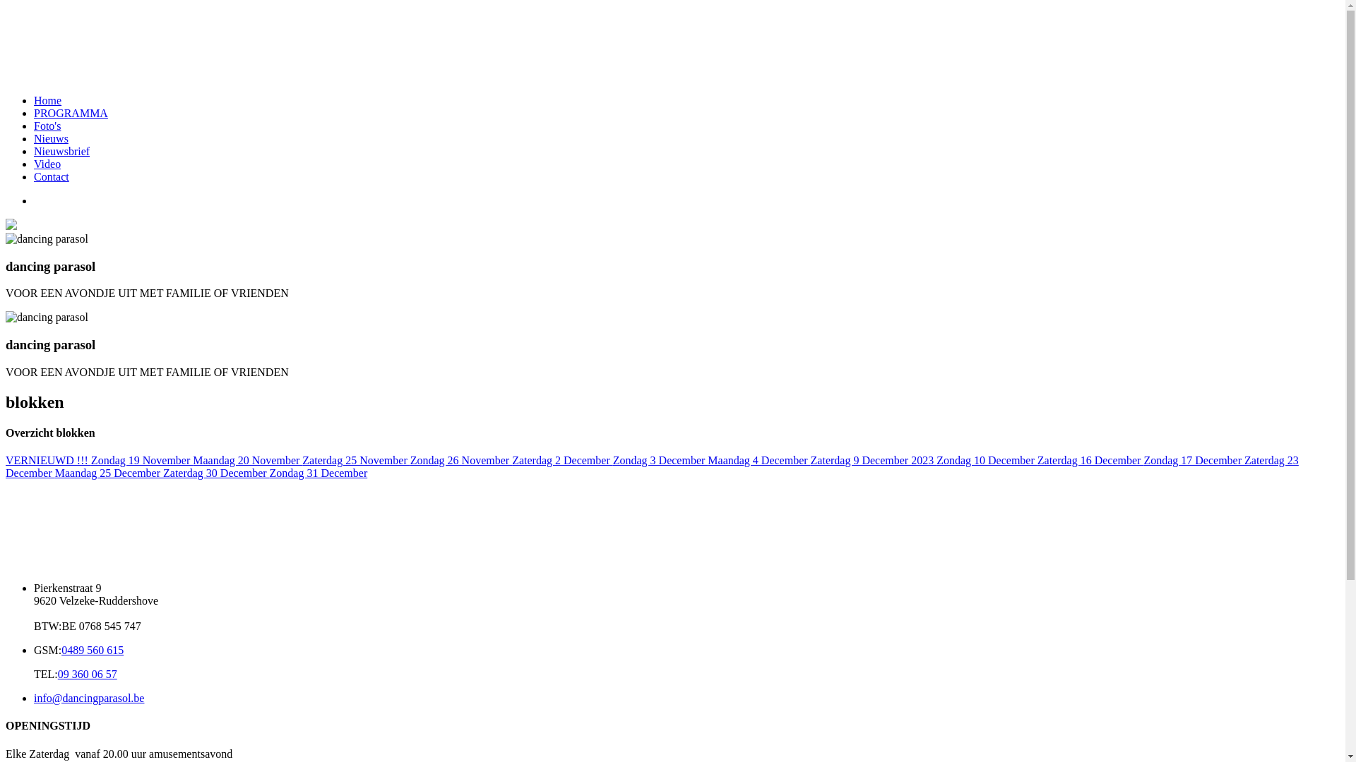 This screenshot has height=762, width=1356. I want to click on 'Zondag 10 December', so click(986, 460).